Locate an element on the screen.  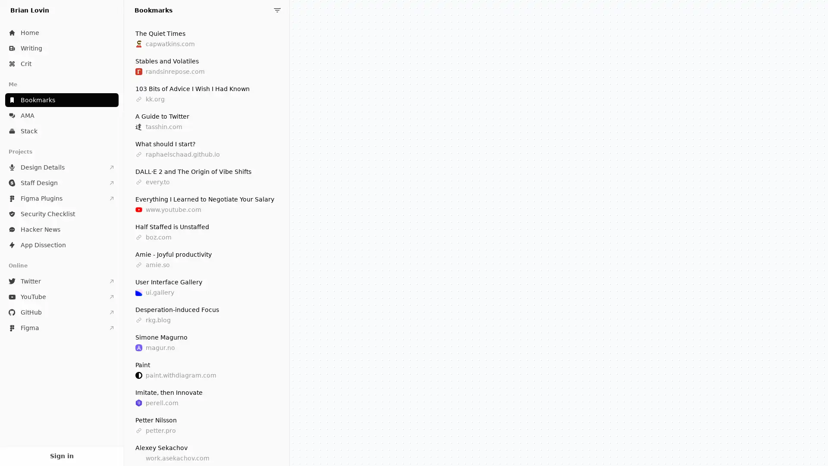
Sign in is located at coordinates (61, 455).